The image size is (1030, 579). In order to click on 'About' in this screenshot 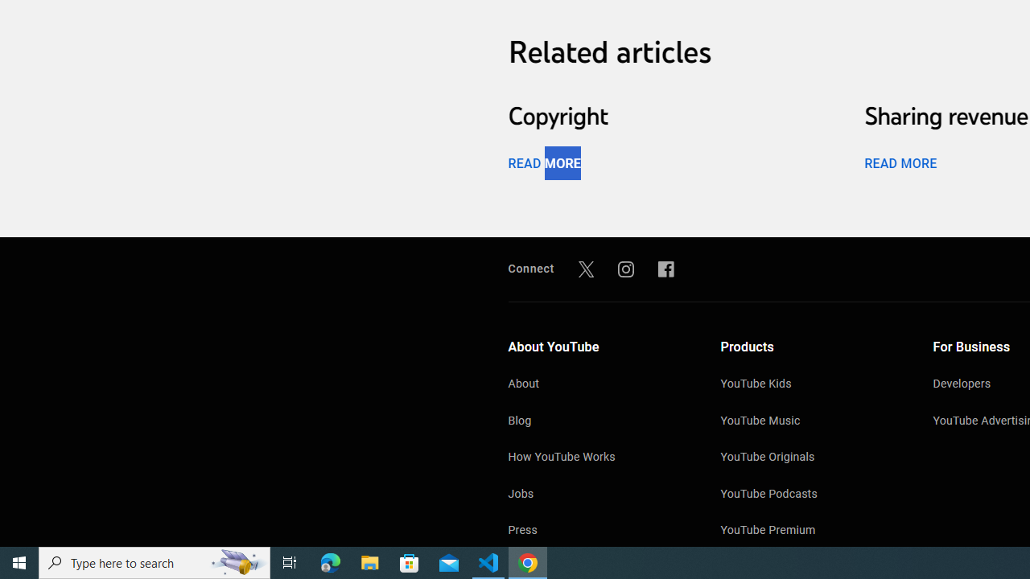, I will do `click(597, 385)`.